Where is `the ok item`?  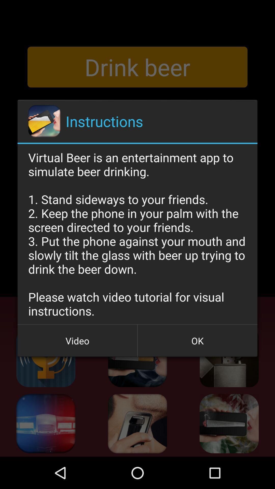 the ok item is located at coordinates (197, 341).